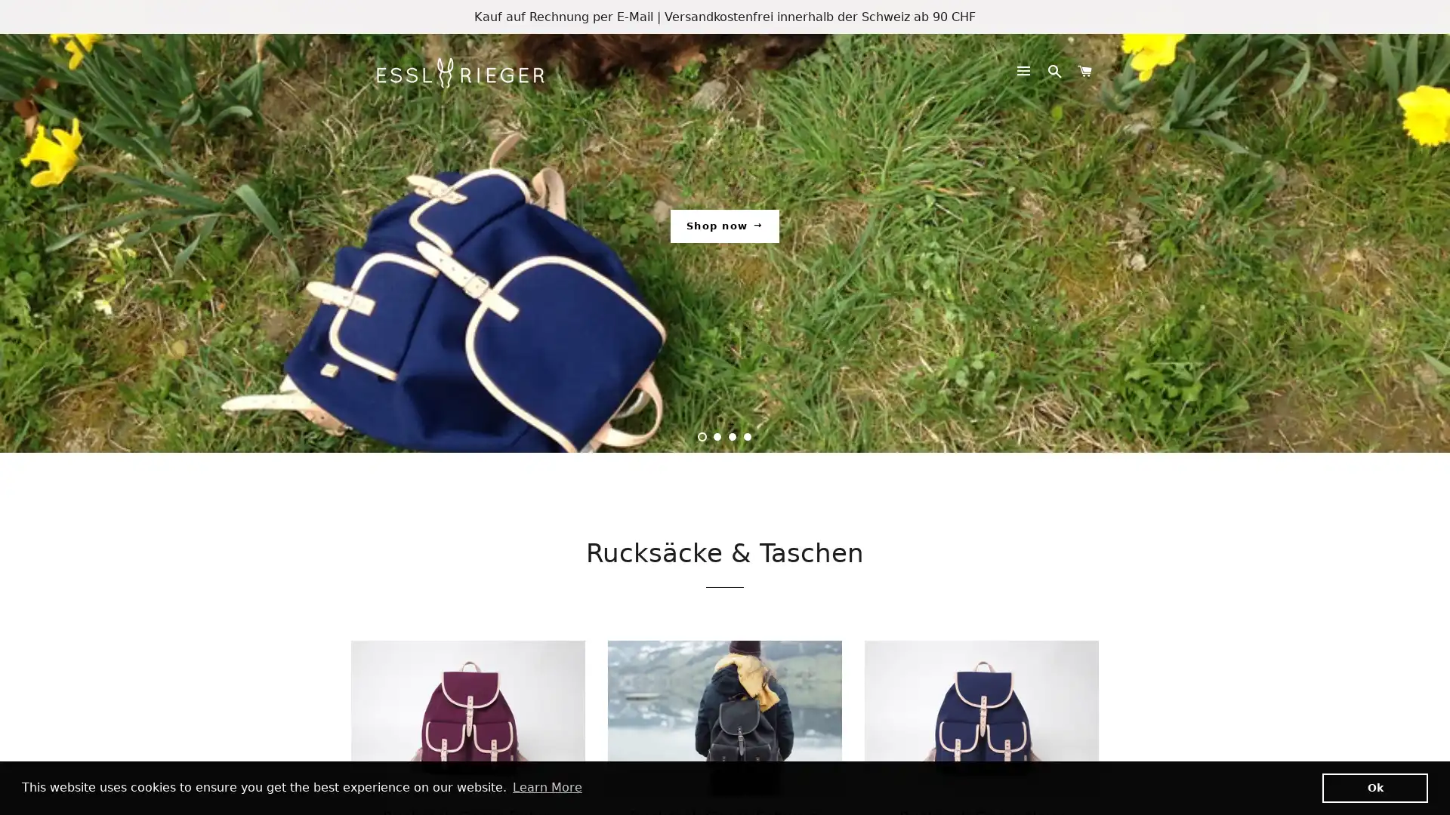 The image size is (1450, 815). Describe the element at coordinates (546, 787) in the screenshot. I see `learn more about cookies` at that location.